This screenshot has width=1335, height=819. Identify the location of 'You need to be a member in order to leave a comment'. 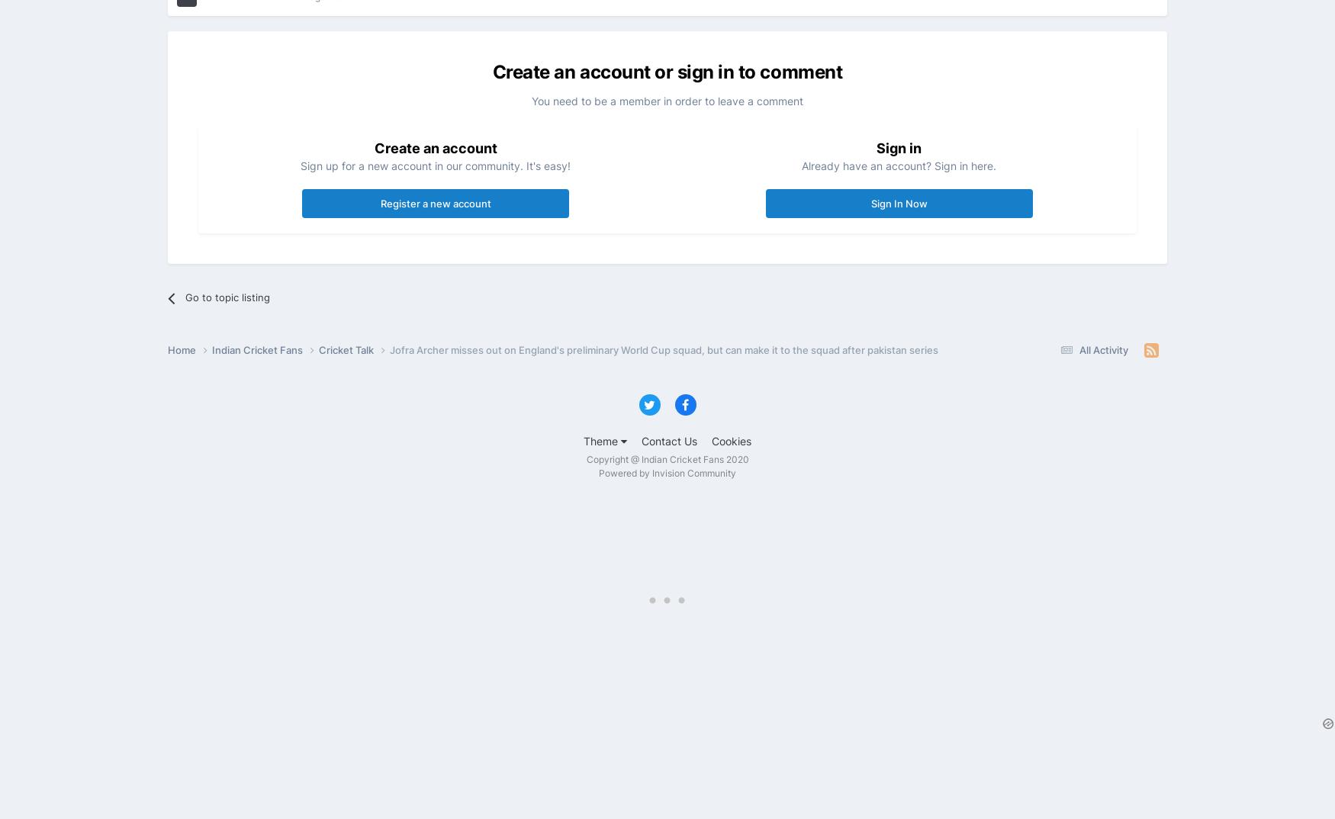
(667, 99).